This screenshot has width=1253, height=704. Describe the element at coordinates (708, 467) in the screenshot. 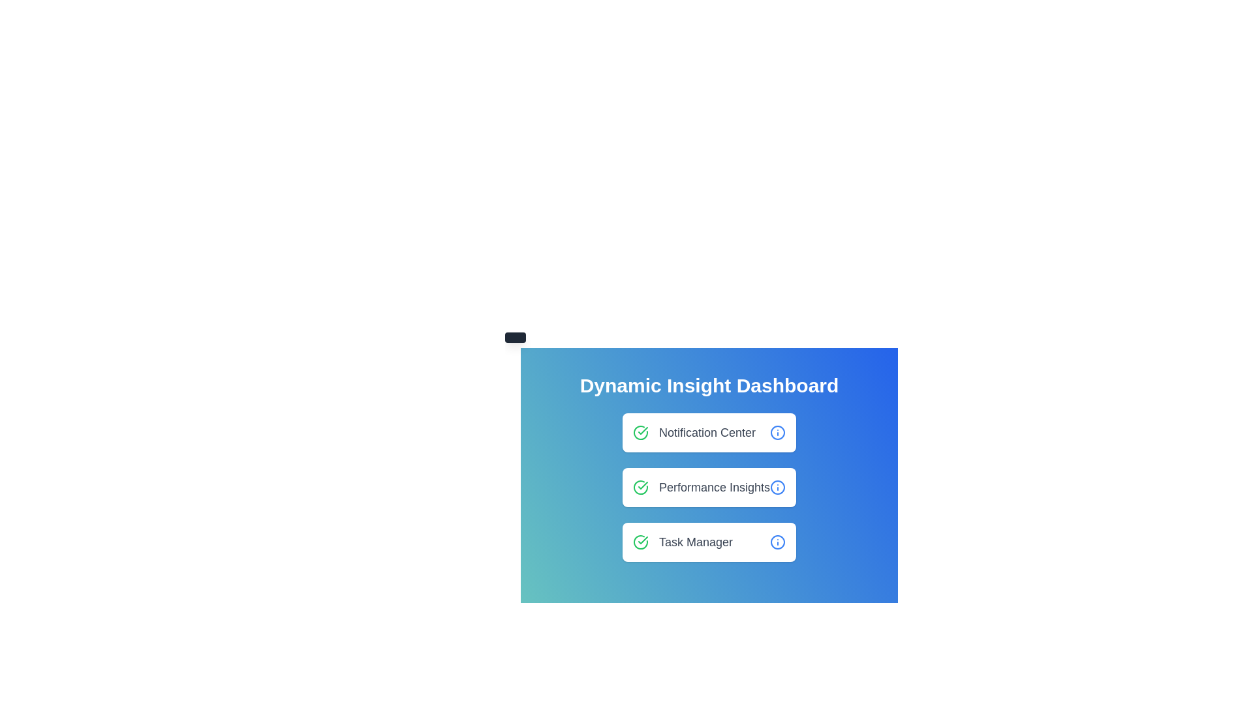

I see `the 'Performance Insights' button, which is a rectangular button with rounded corners, containing the text 'Performance Insights' and icons on either side` at that location.